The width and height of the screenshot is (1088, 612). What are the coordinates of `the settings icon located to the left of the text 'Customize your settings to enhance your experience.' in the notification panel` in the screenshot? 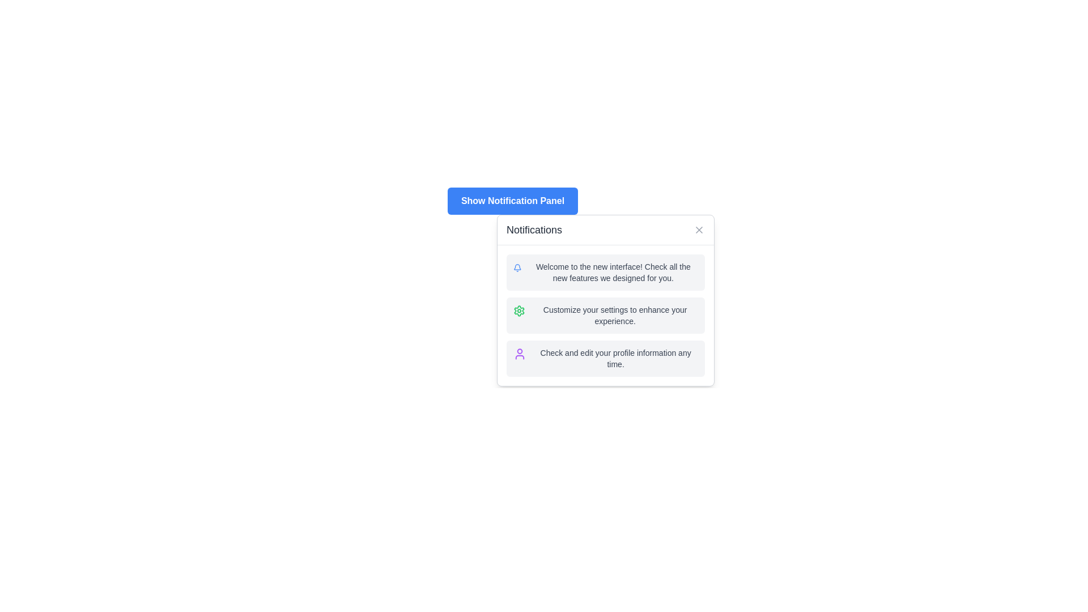 It's located at (518, 311).